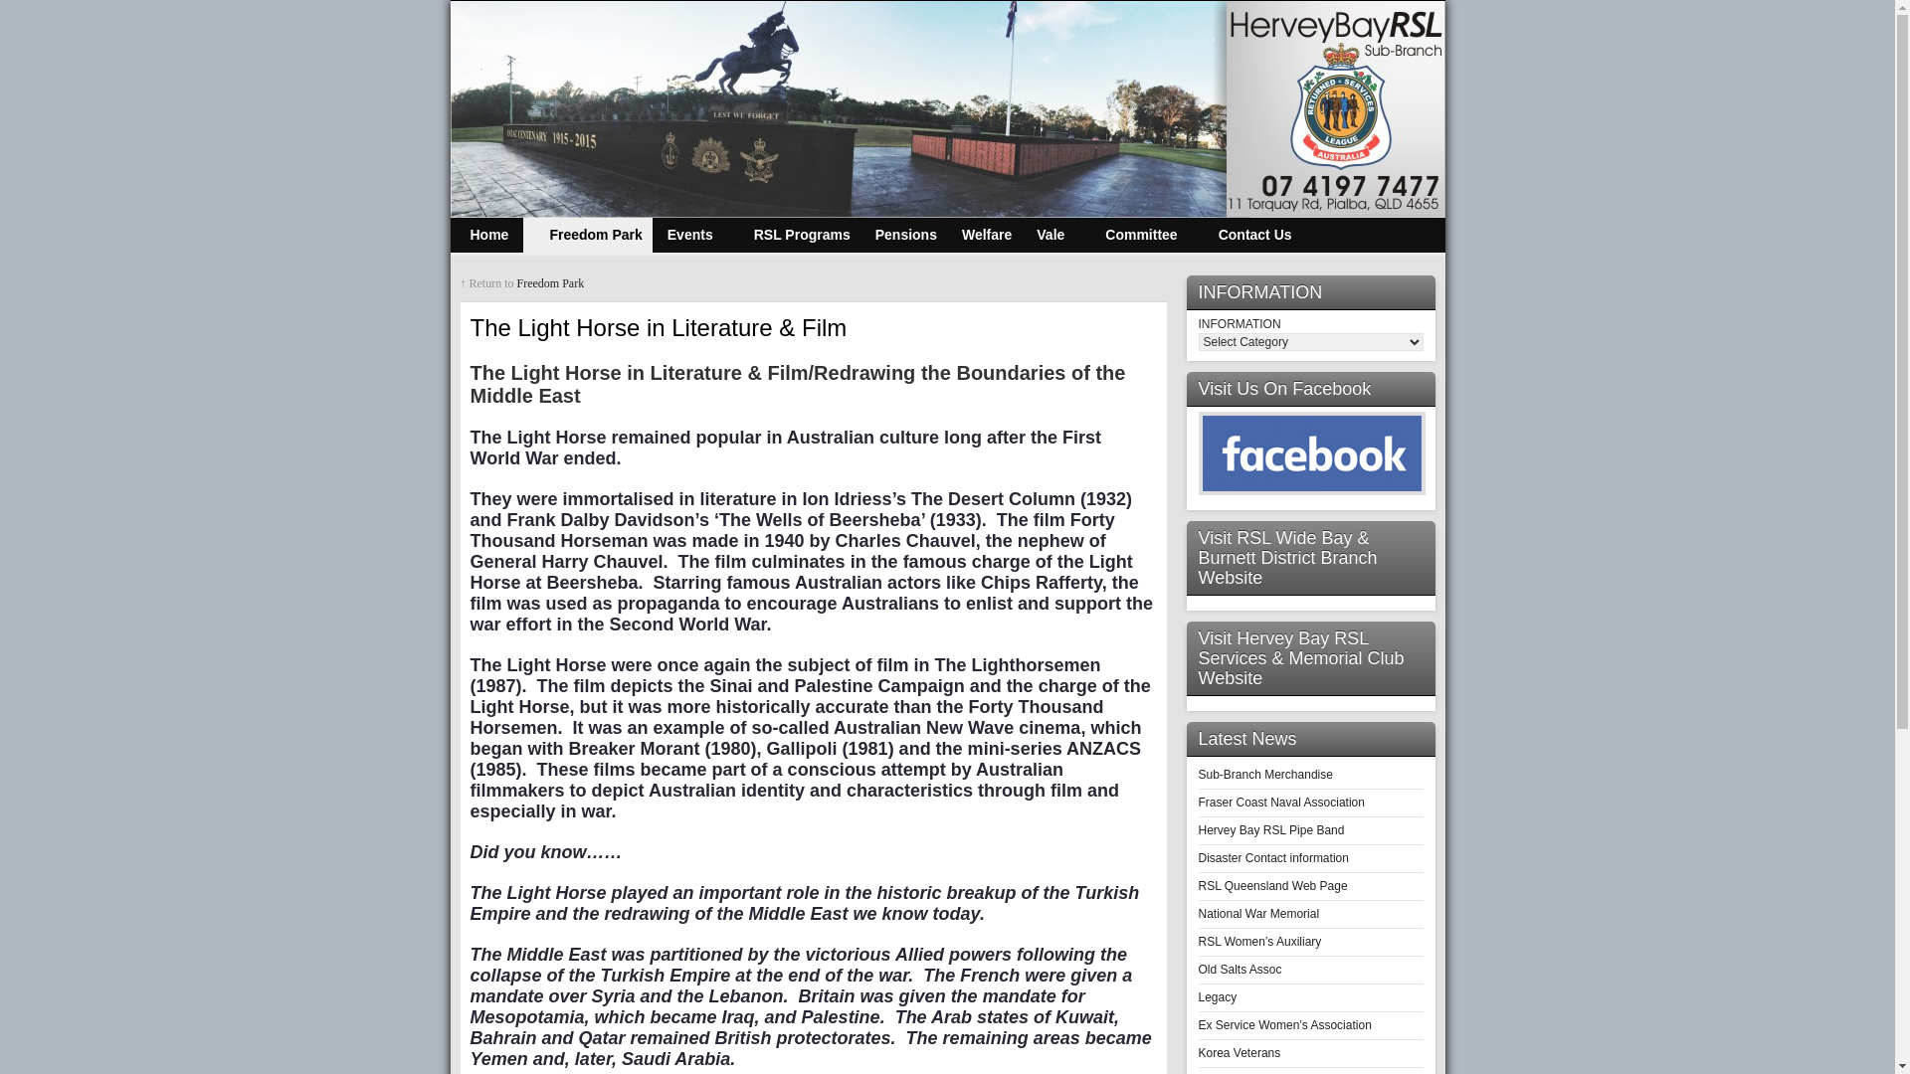 The height and width of the screenshot is (1074, 1910). What do you see at coordinates (1197, 801) in the screenshot?
I see `'Fraser Coast Naval Association'` at bounding box center [1197, 801].